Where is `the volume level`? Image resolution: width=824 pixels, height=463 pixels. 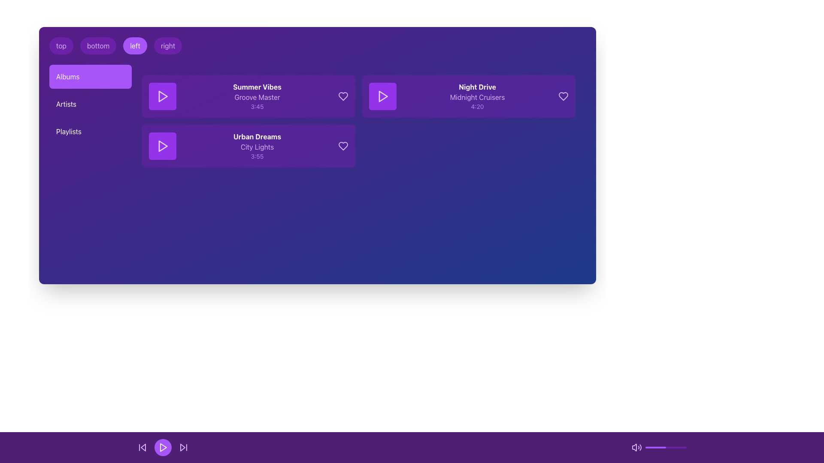 the volume level is located at coordinates (666, 447).